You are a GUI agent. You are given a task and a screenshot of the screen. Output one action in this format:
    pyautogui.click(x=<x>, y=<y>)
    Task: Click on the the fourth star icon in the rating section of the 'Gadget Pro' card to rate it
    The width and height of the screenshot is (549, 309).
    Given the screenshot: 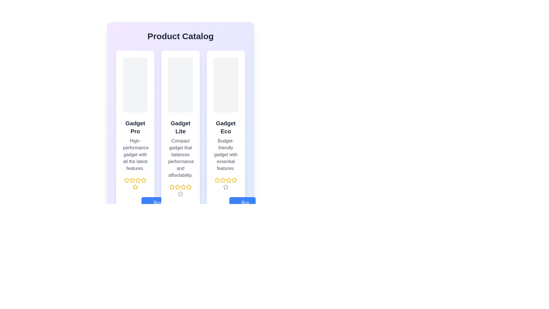 What is the action you would take?
    pyautogui.click(x=132, y=180)
    